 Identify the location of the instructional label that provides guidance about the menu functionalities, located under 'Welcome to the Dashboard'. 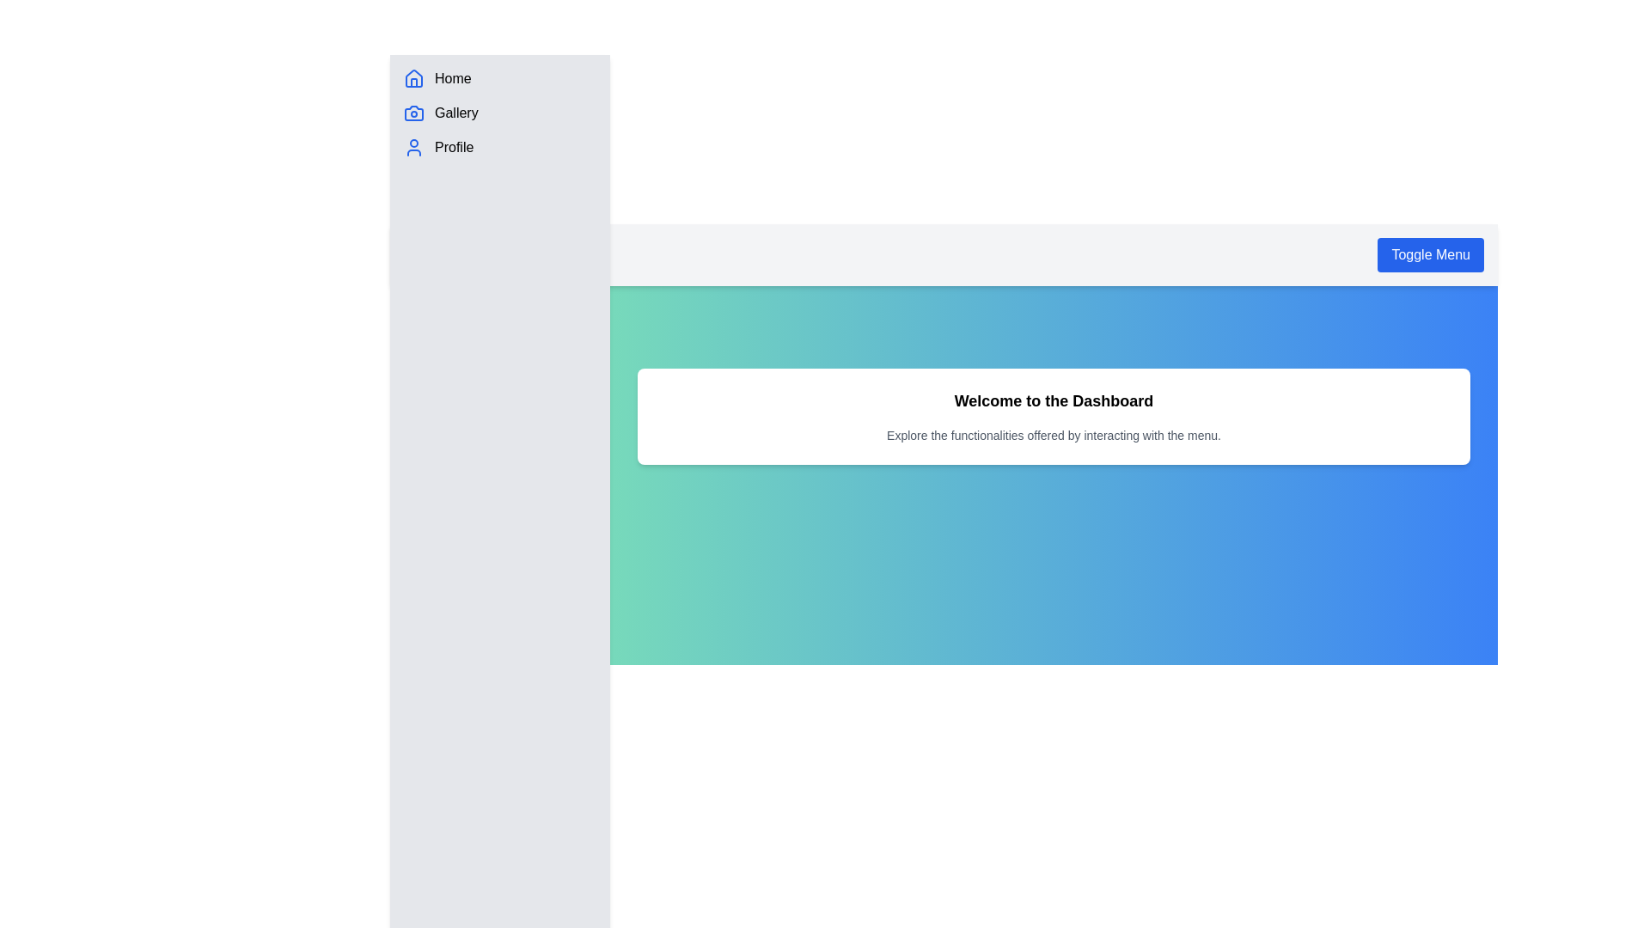
(1053, 434).